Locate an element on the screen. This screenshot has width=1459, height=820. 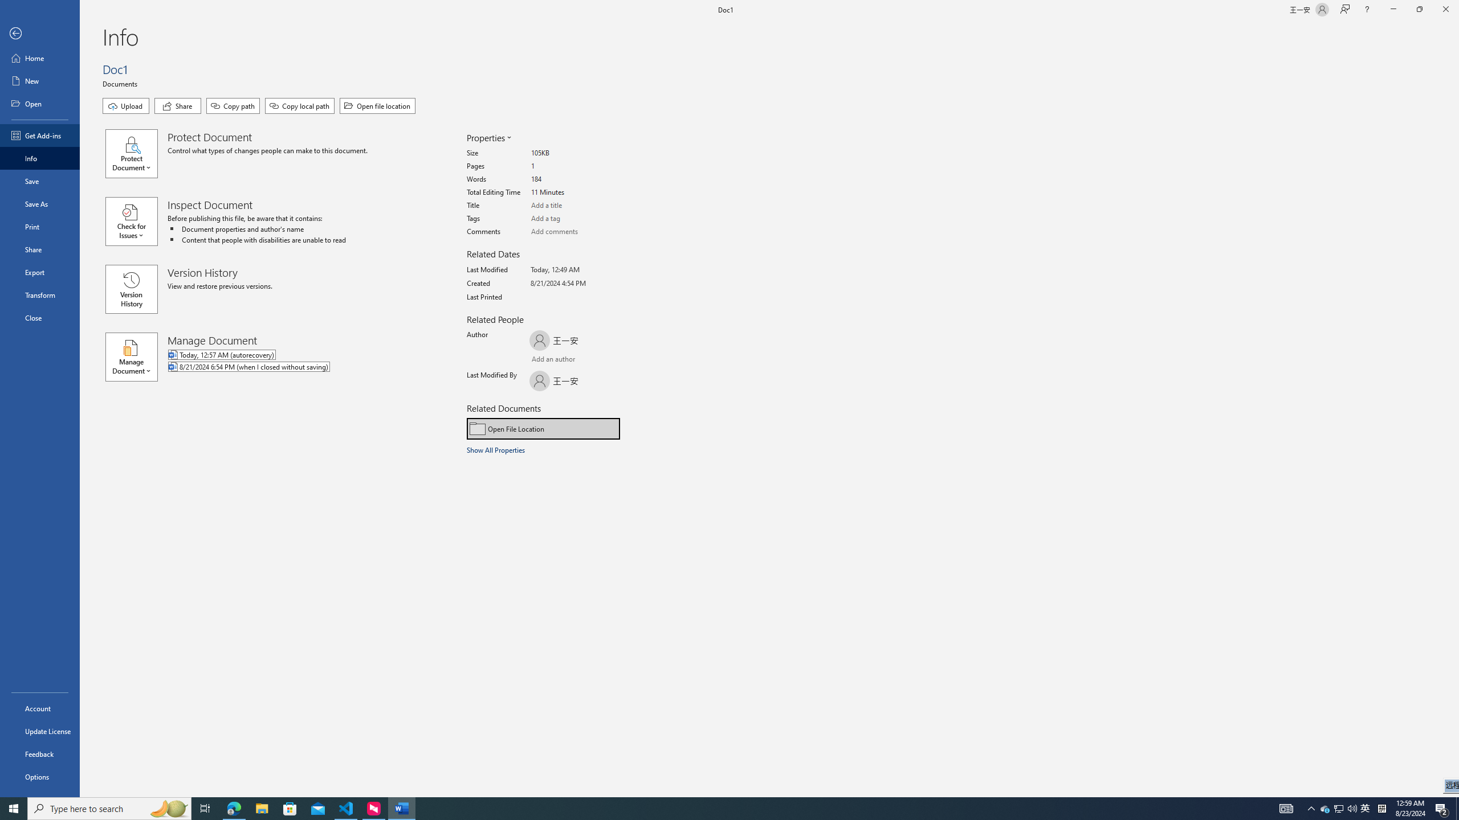
'Get Add-ins' is located at coordinates (39, 135).